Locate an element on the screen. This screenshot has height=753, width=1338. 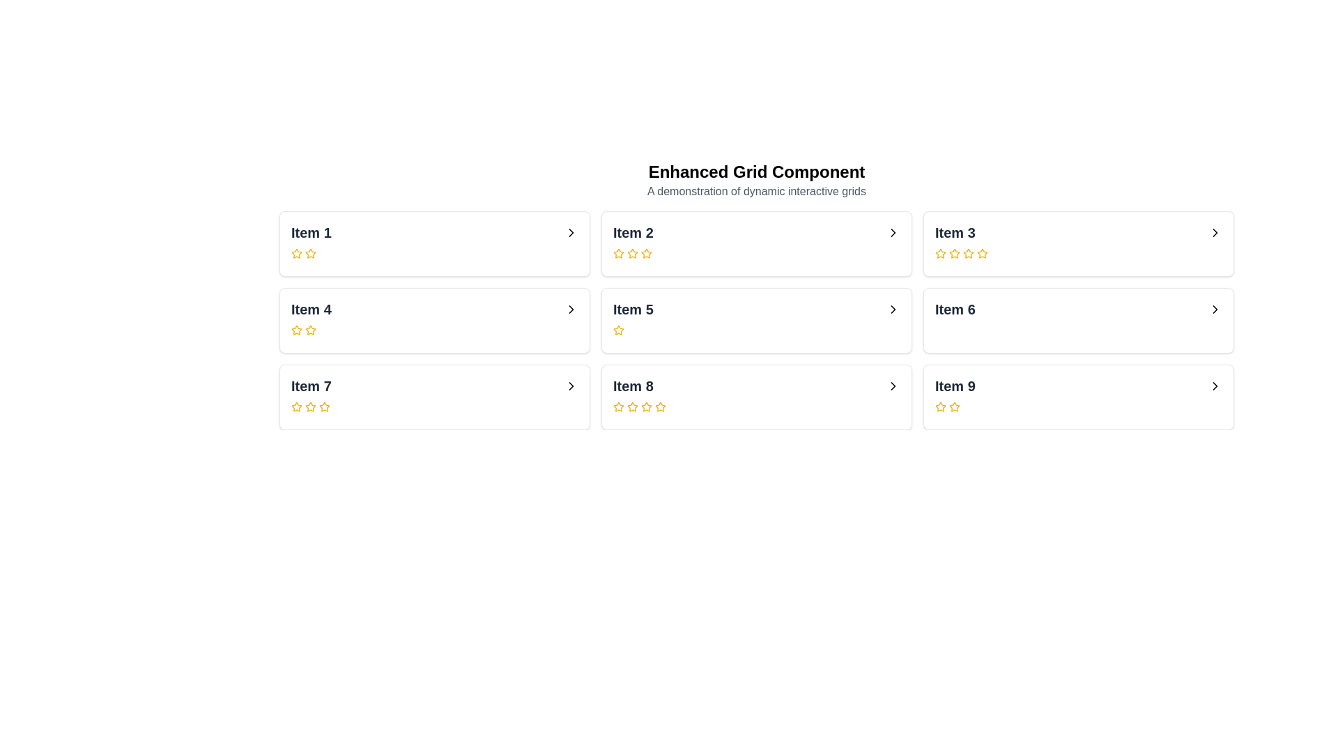
the first star icon in the rating system below 'Item 2' in the second panel to set the rating is located at coordinates (618, 253).